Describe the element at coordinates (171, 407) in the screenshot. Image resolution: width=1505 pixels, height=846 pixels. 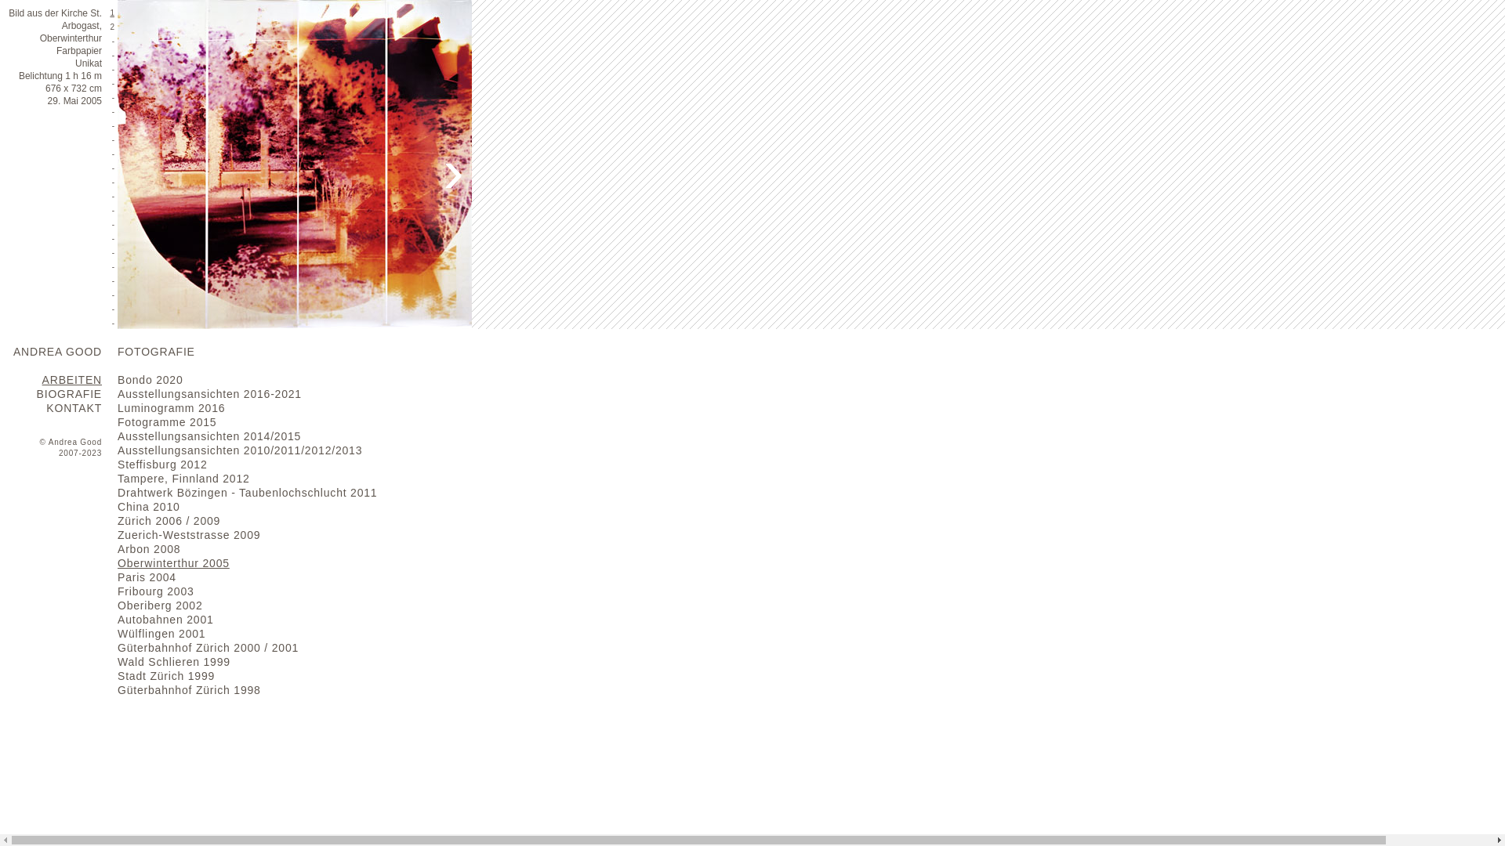
I see `'Luminogramm 2016'` at that location.